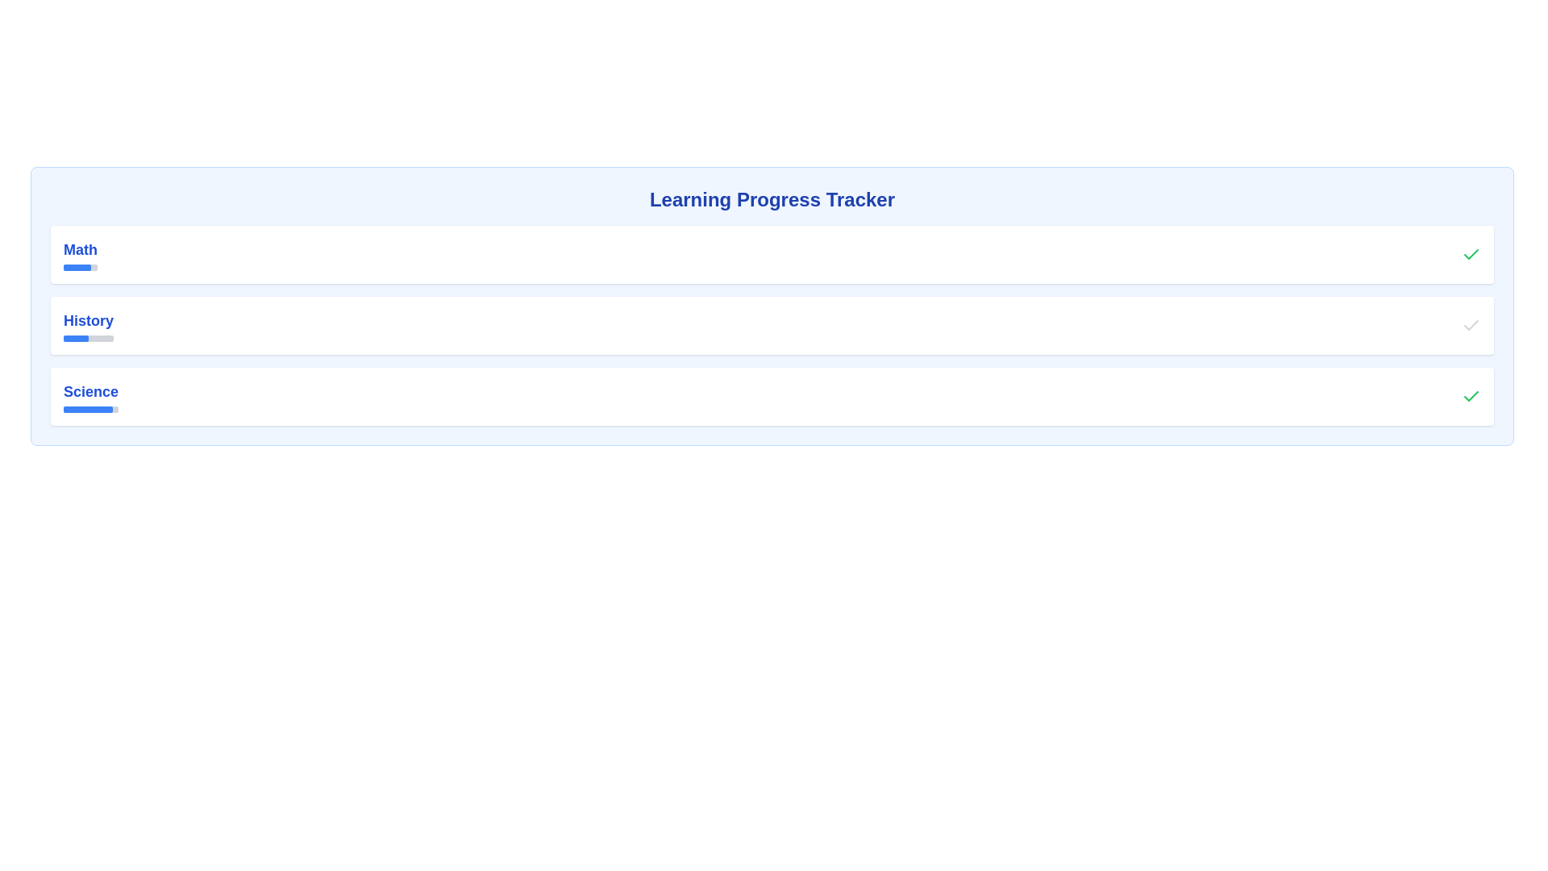  What do you see at coordinates (75, 338) in the screenshot?
I see `the completion status represented by the progress bar for the subject labeled 'History', located in the second row of items` at bounding box center [75, 338].